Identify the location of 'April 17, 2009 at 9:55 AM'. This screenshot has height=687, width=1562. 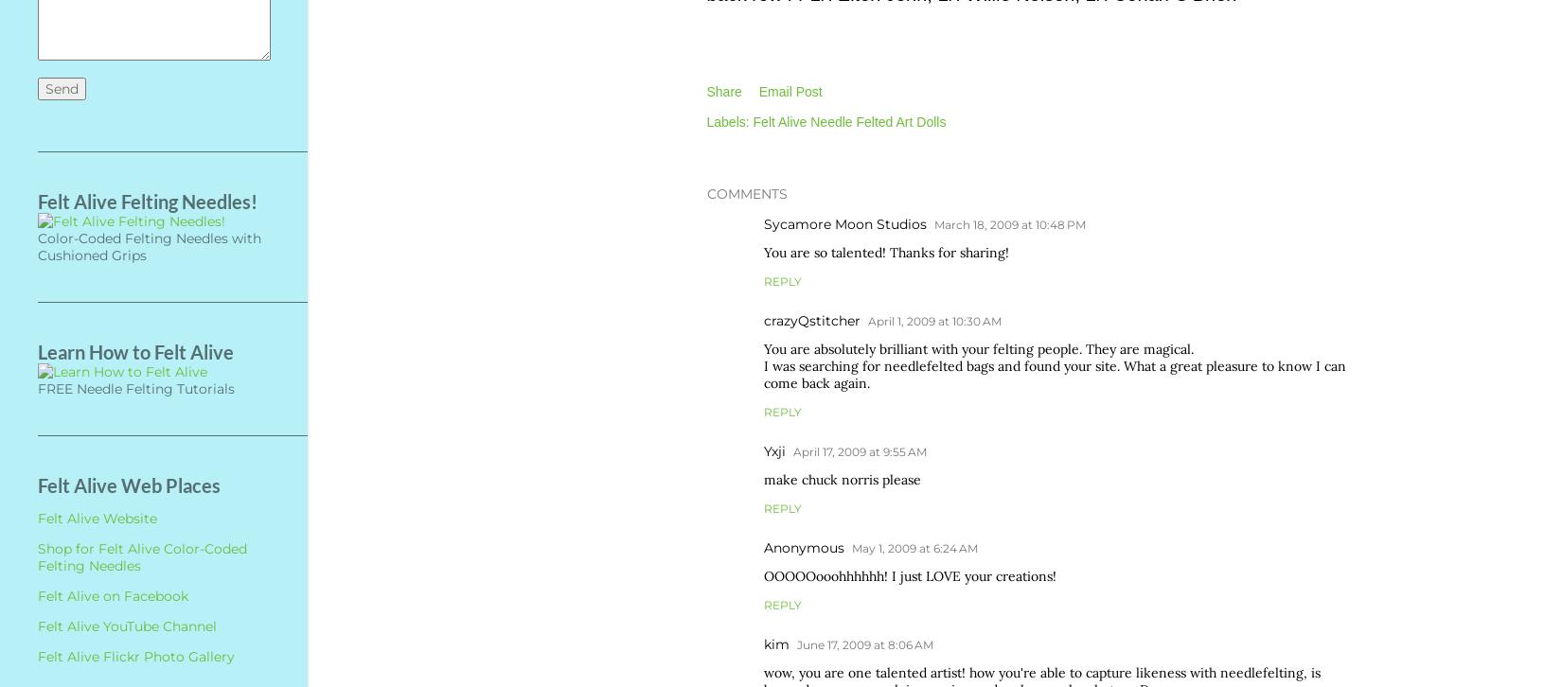
(859, 450).